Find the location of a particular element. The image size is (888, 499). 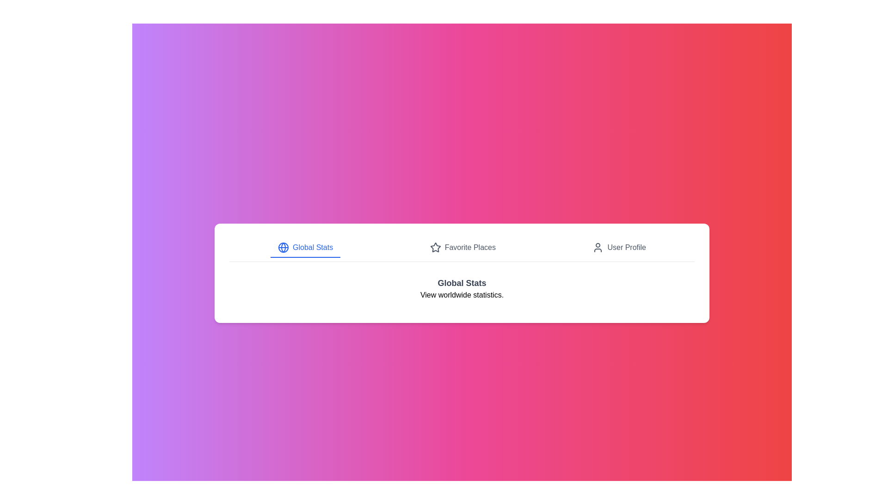

the 'Global Stats' icon located on the left side of the 'Global Stats' button in the navigation section is located at coordinates (283, 247).